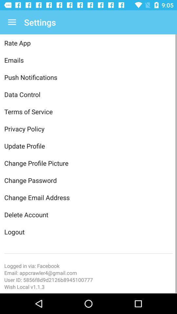 The height and width of the screenshot is (314, 177). Describe the element at coordinates (88, 112) in the screenshot. I see `the terms of service` at that location.